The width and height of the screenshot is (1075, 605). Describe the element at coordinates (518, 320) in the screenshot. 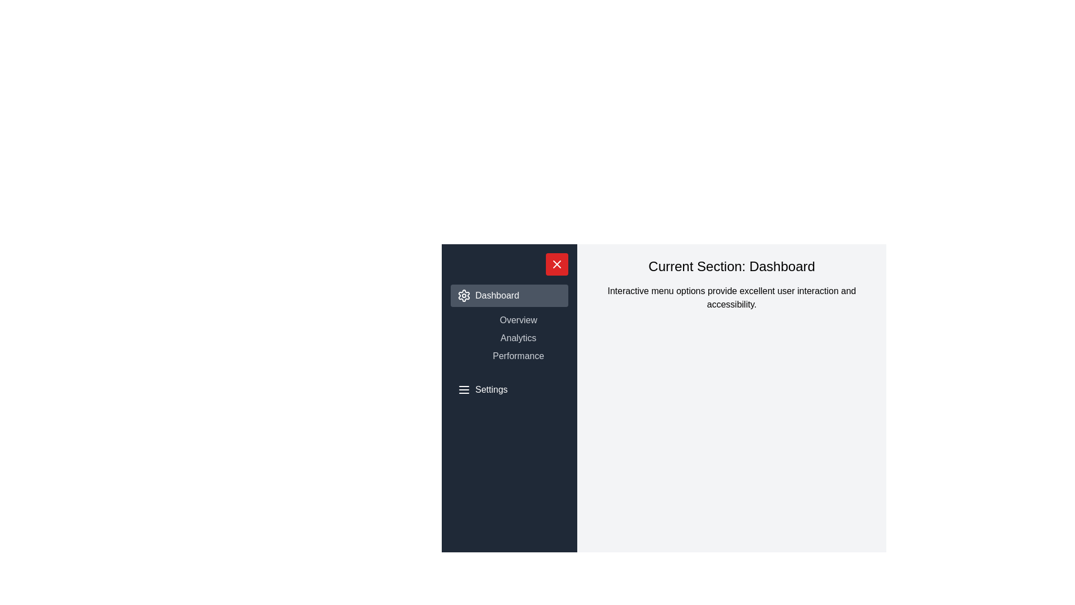

I see `the 'Overview' navigation option in the sidebar menu to change its color for a visual cue` at that location.